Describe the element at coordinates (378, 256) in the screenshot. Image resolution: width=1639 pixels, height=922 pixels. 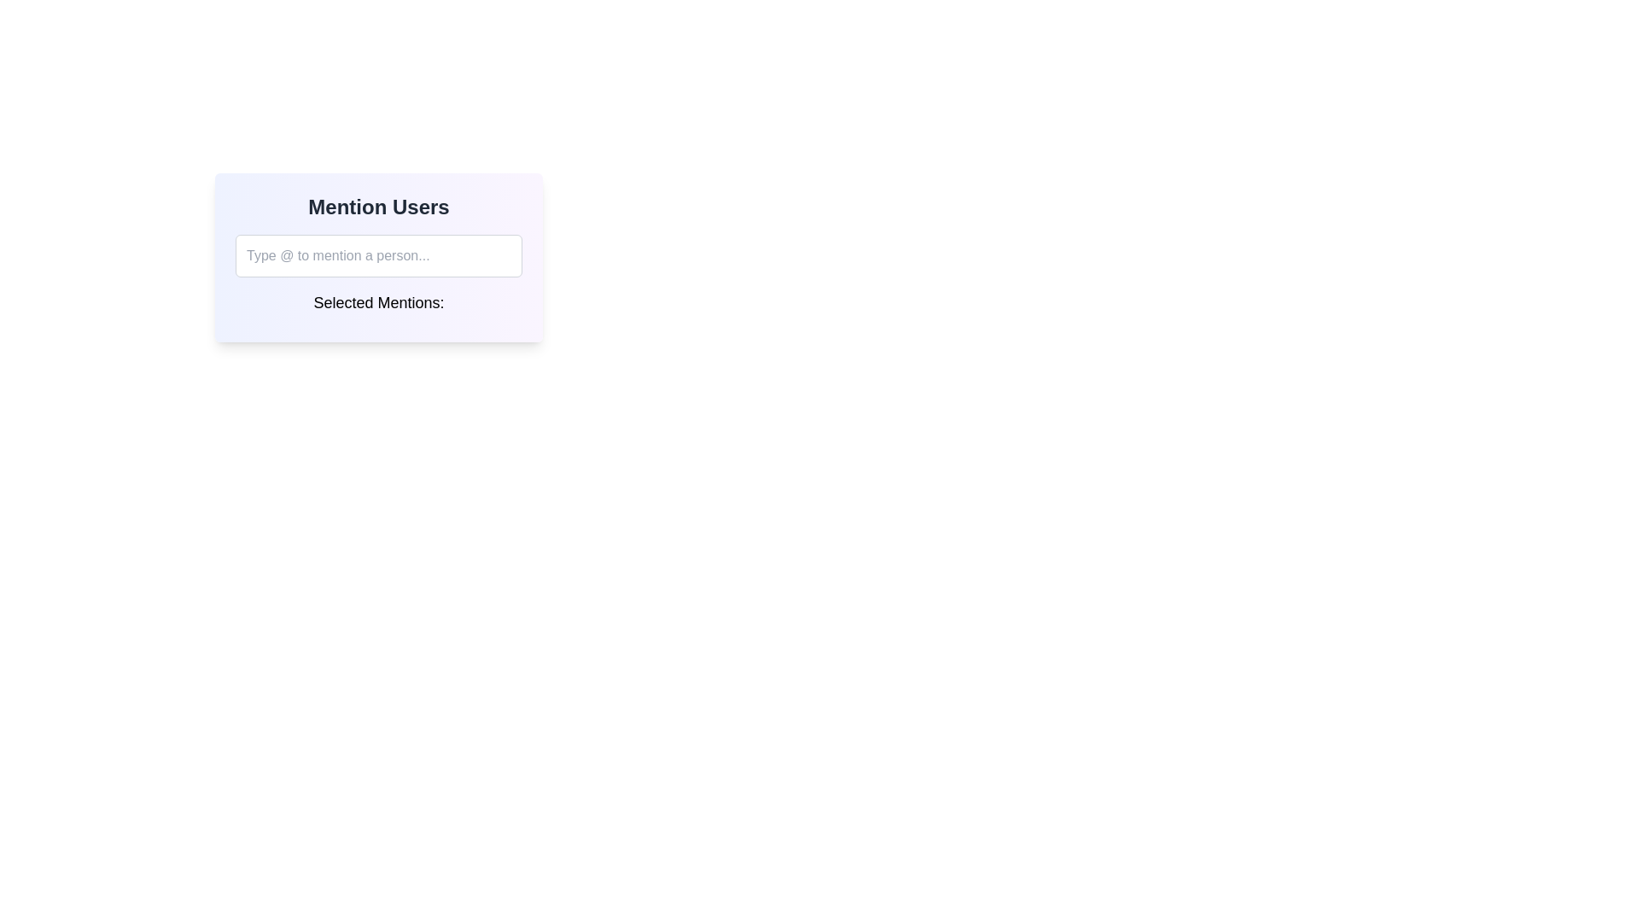
I see `the text input field with rounded borders and light gray color, which displays the placeholder text 'Type @ to mention a person...'` at that location.